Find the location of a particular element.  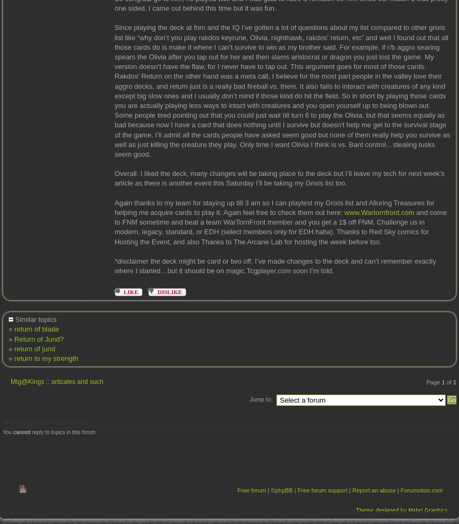

'phpBB' is located at coordinates (283, 490).